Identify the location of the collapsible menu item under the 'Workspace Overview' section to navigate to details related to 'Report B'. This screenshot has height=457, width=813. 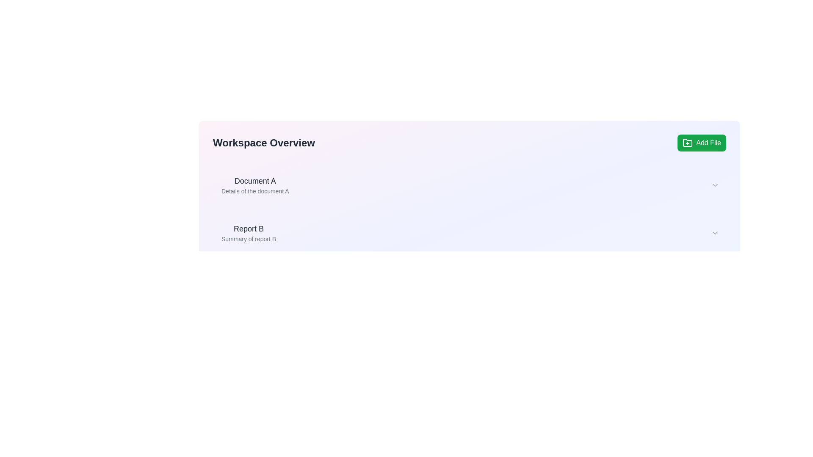
(470, 233).